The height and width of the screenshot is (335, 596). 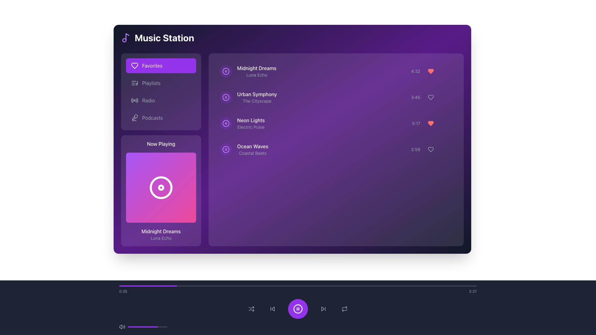 What do you see at coordinates (298, 309) in the screenshot?
I see `the 'pause' icon located at the bottom section of the music application's interface for tooltip or visual feedback` at bounding box center [298, 309].